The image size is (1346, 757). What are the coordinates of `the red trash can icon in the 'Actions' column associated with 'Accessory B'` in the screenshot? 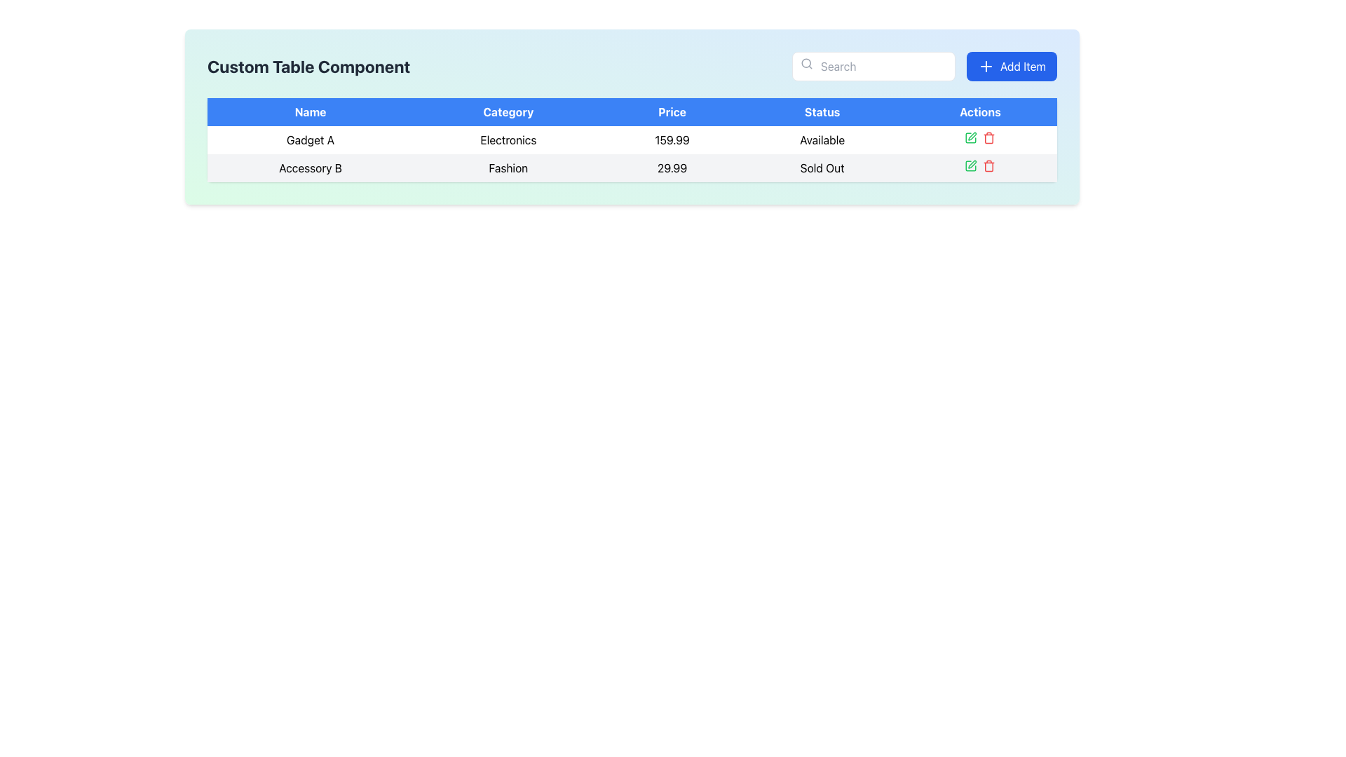 It's located at (988, 137).